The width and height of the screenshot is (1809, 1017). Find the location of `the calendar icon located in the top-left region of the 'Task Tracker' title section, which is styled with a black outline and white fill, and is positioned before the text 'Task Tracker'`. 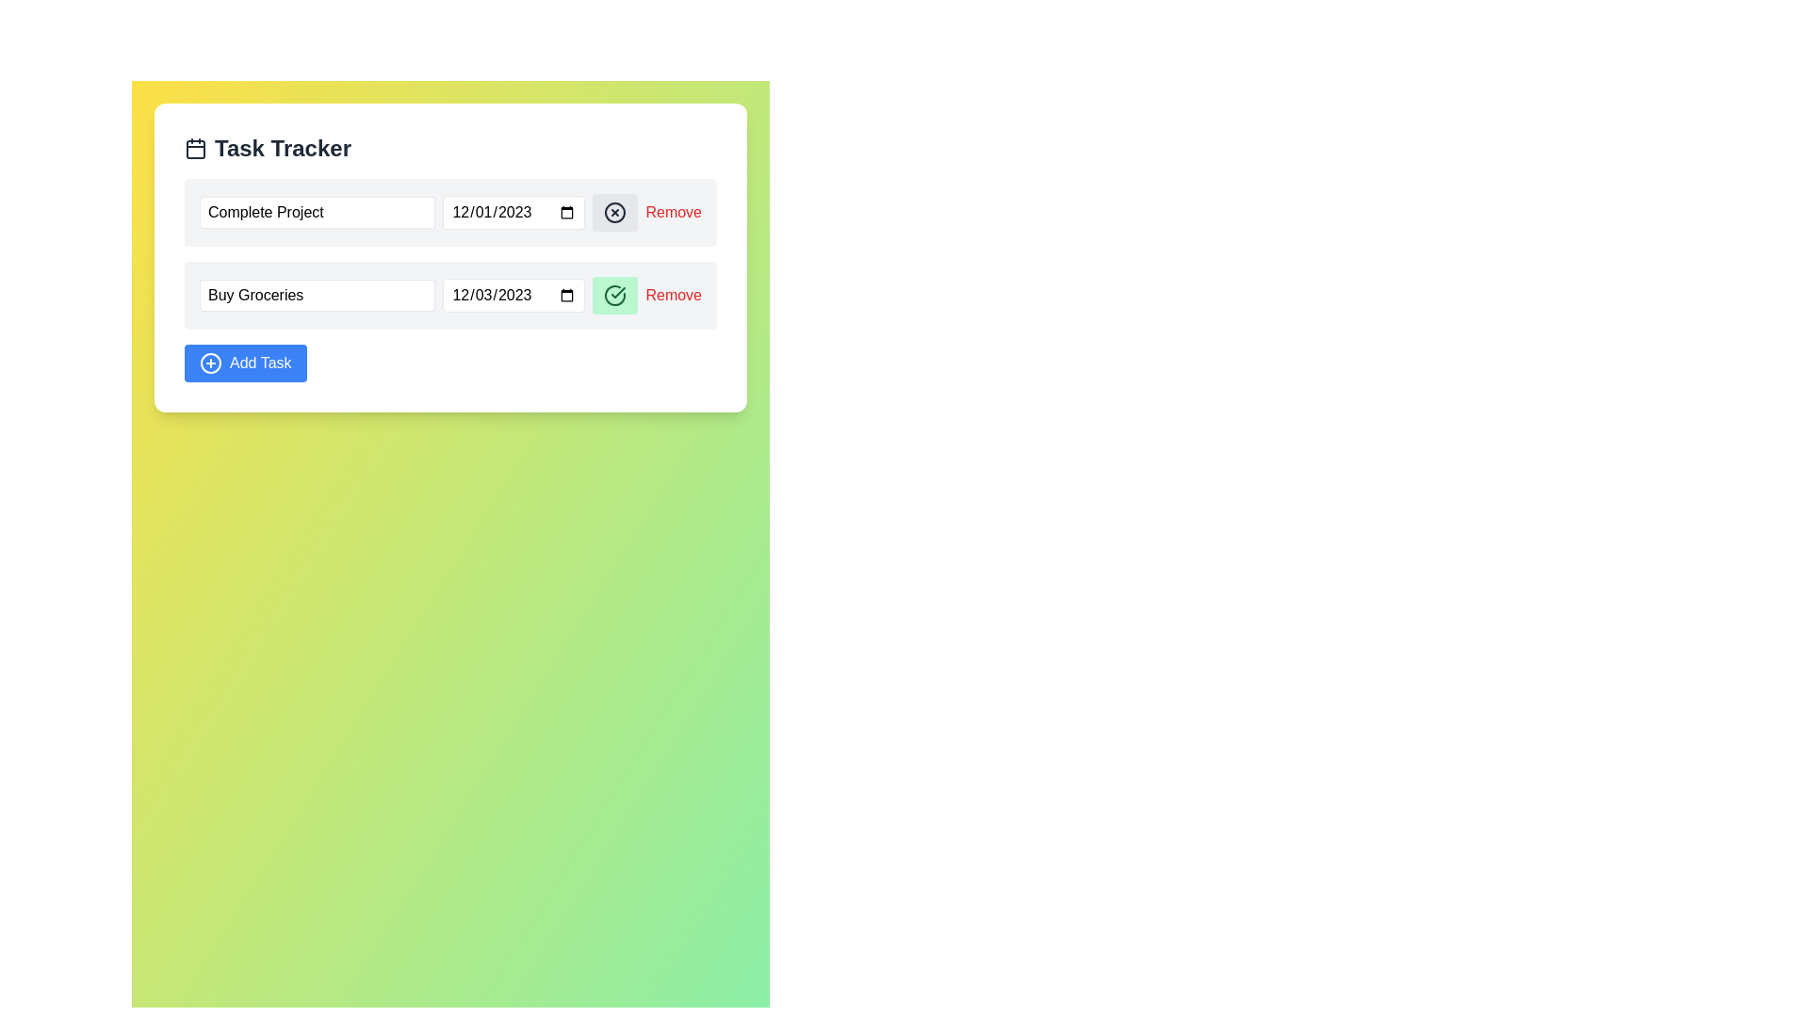

the calendar icon located in the top-left region of the 'Task Tracker' title section, which is styled with a black outline and white fill, and is positioned before the text 'Task Tracker' is located at coordinates (195, 148).